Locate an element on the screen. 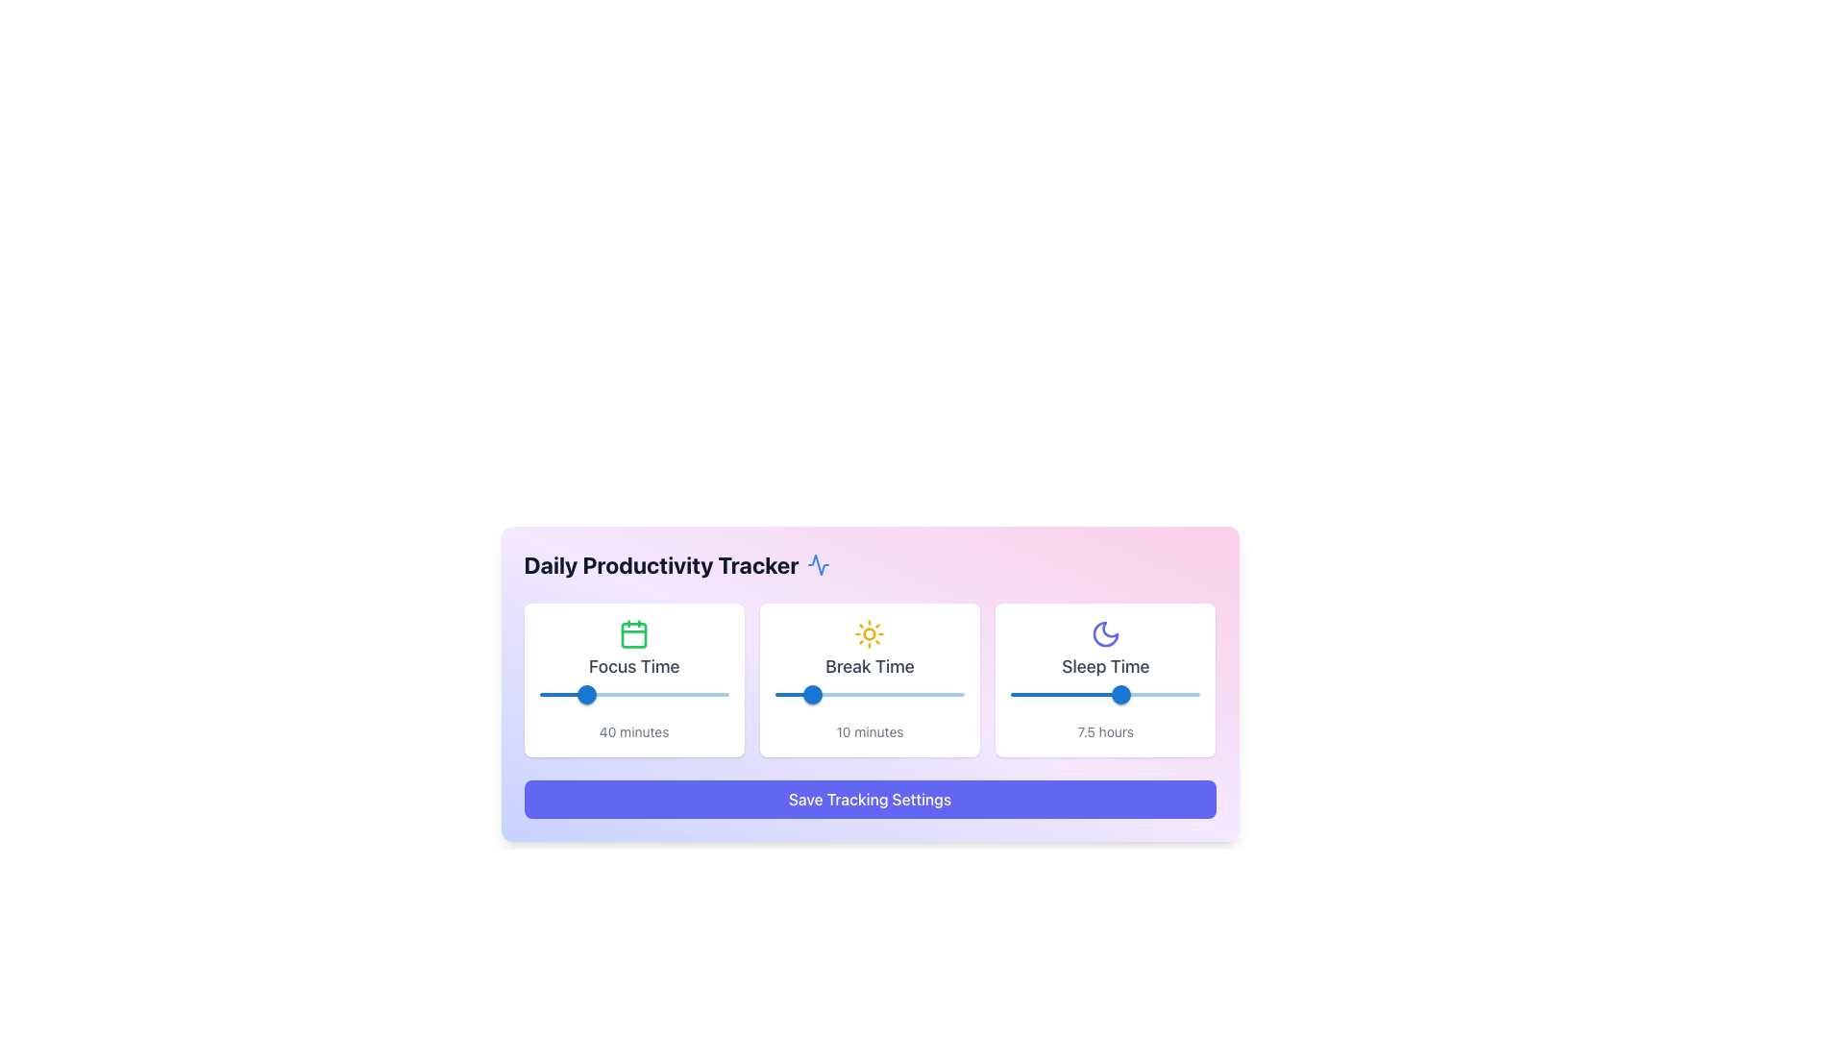  the focus time is located at coordinates (597, 694).